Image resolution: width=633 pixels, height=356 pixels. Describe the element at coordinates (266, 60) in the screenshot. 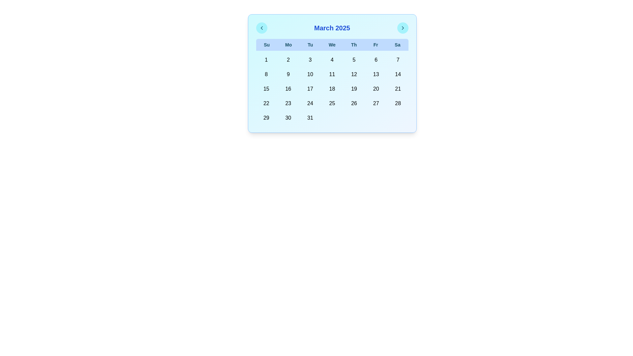

I see `the button representing the first day of the displayed month's calendar, located` at that location.